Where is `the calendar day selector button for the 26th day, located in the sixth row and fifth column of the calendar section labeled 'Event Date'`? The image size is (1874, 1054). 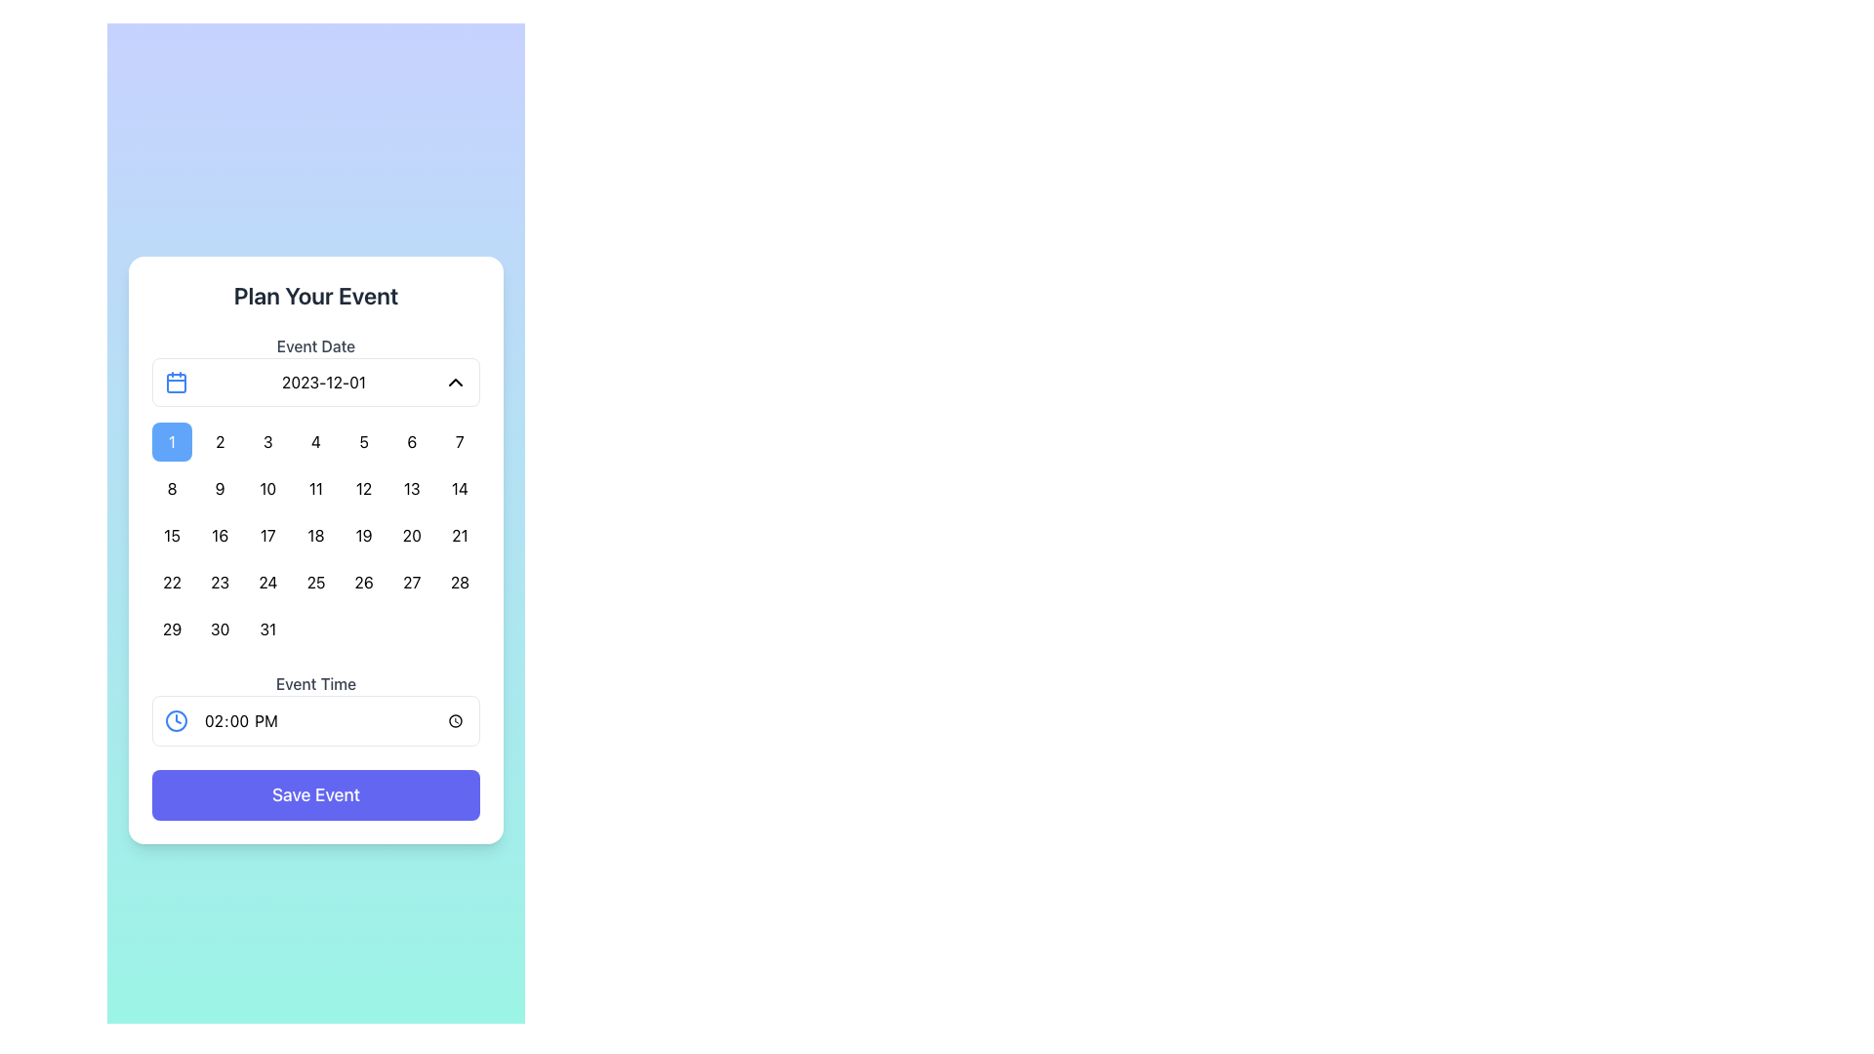
the calendar day selector button for the 26th day, located in the sixth row and fifth column of the calendar section labeled 'Event Date' is located at coordinates (364, 582).